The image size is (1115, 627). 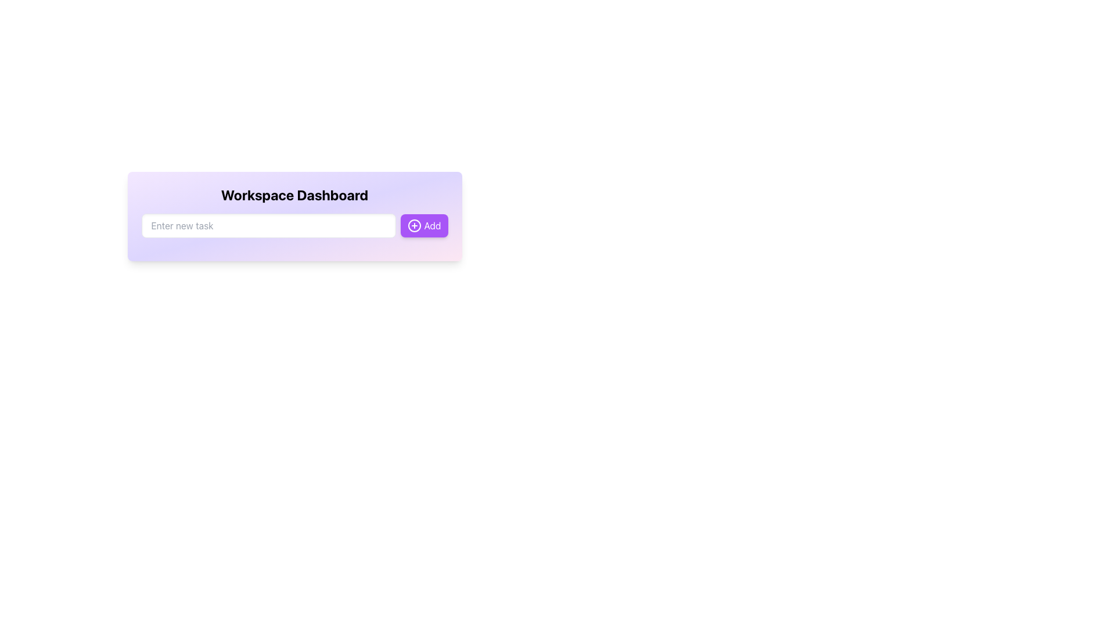 I want to click on the button located to the right of the 'Enter new task' text input field, so click(x=423, y=226).